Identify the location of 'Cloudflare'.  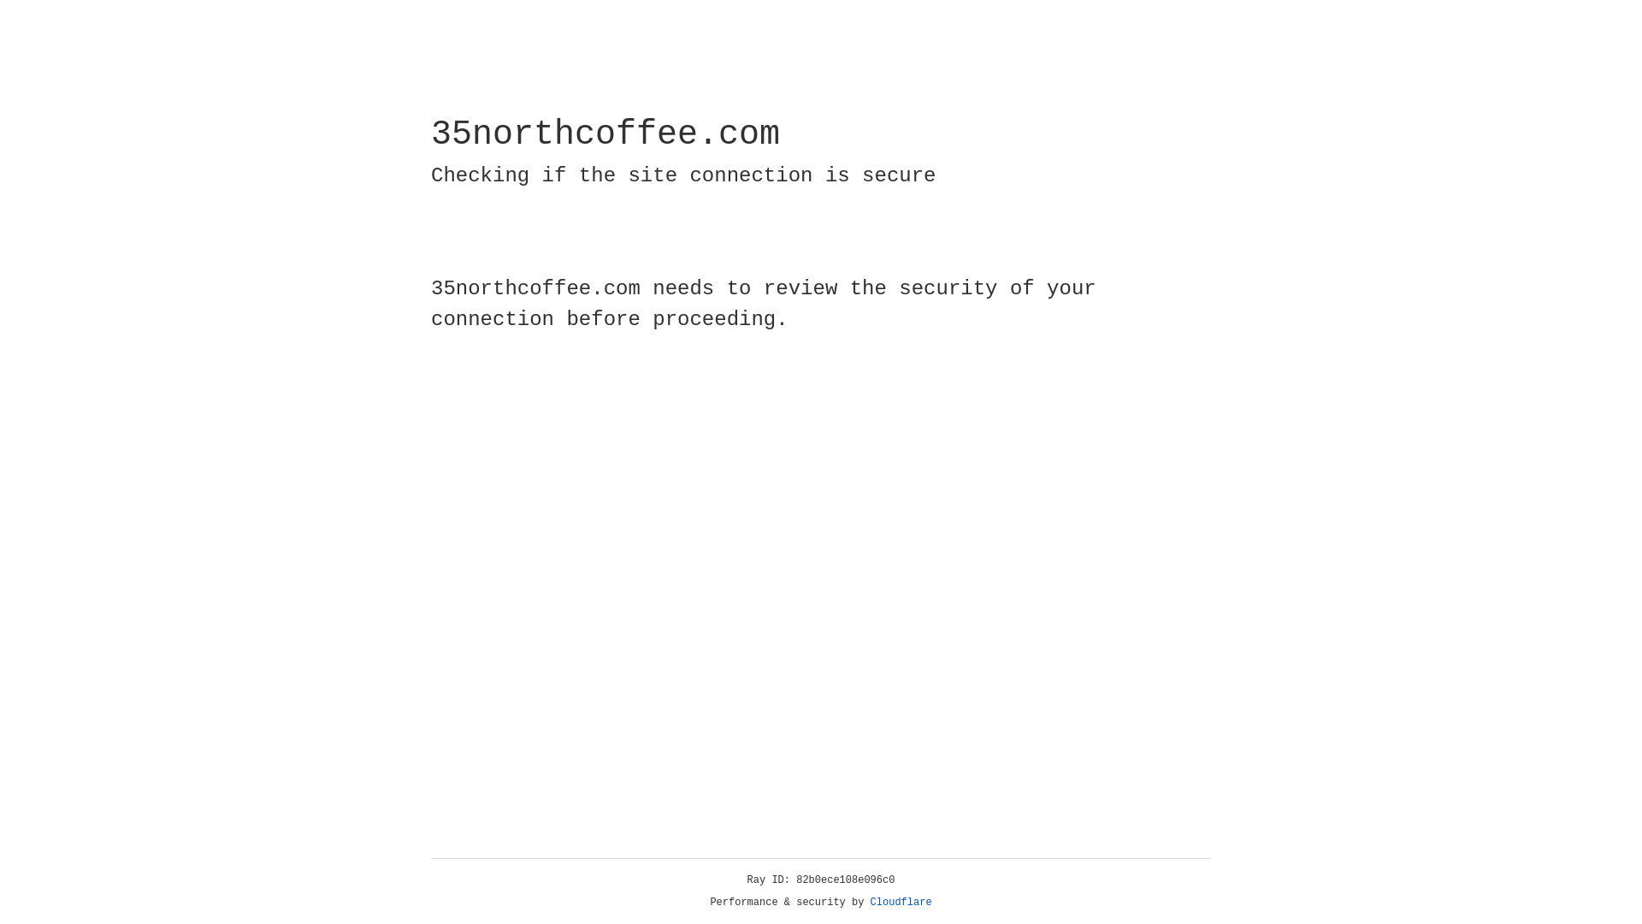
(901, 902).